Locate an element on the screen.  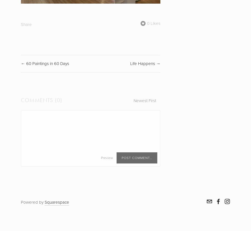
'Newest First' is located at coordinates (133, 100).